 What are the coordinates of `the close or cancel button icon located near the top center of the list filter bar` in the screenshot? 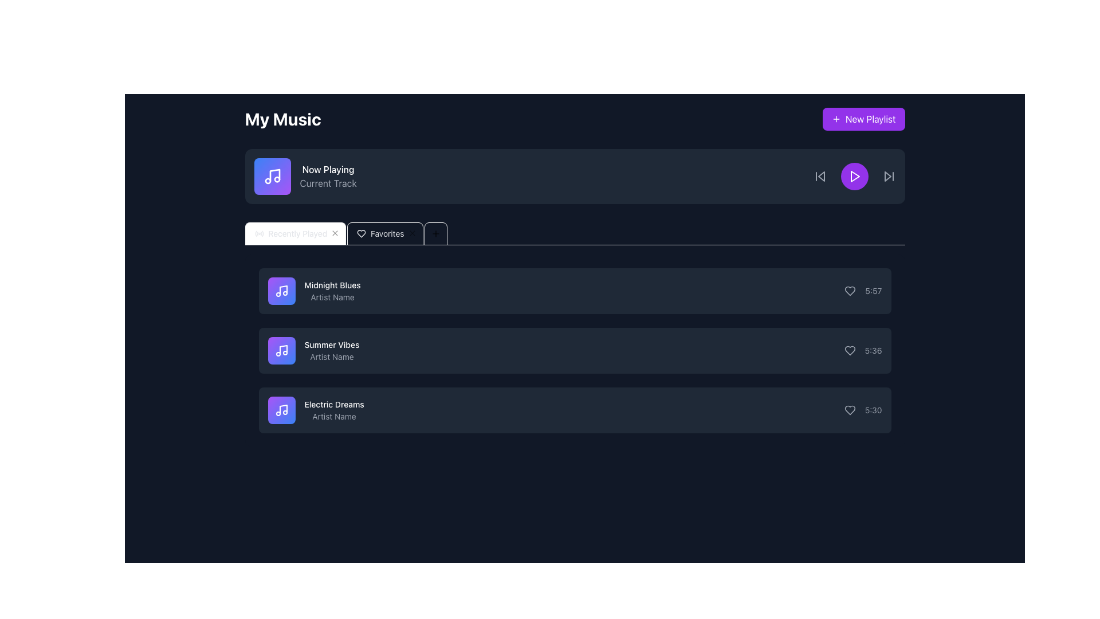 It's located at (335, 233).